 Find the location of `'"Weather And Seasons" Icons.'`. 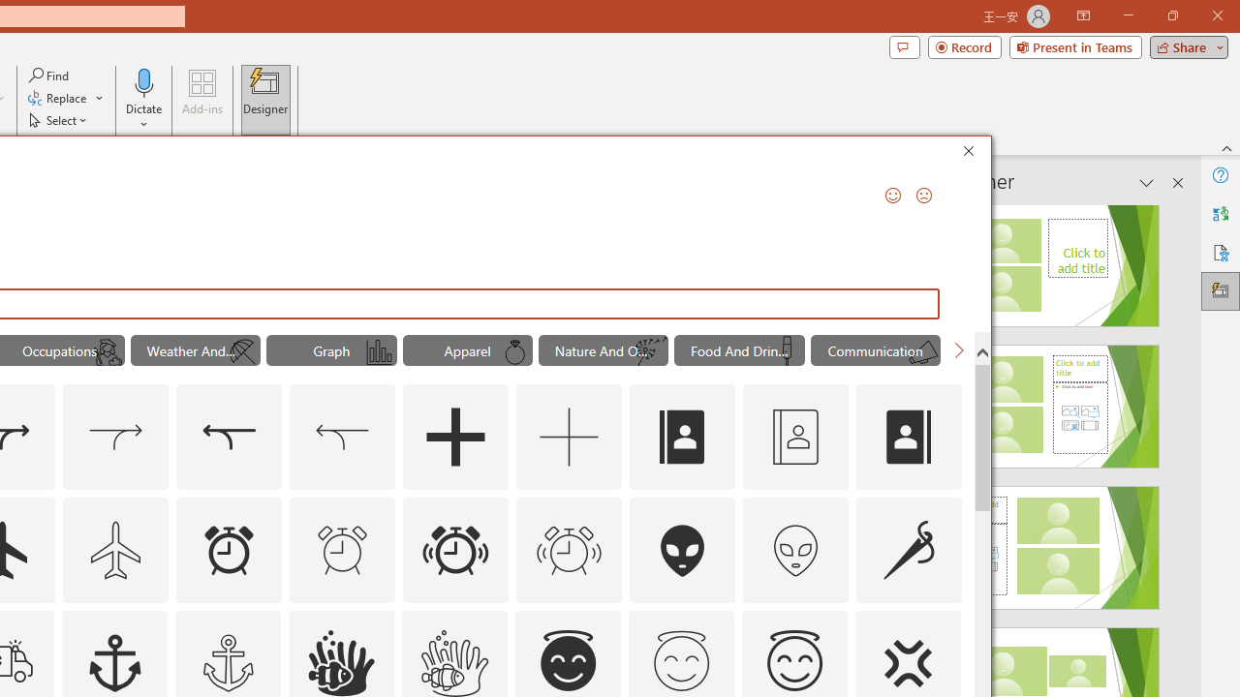

'"Weather And Seasons" Icons.' is located at coordinates (195, 350).